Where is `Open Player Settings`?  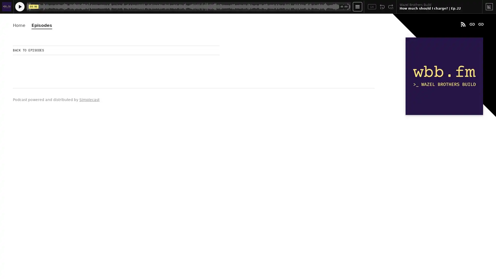 Open Player Settings is located at coordinates (357, 7).